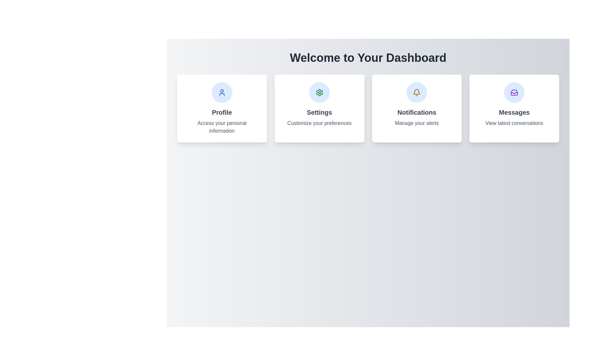 The width and height of the screenshot is (616, 346). Describe the element at coordinates (514, 93) in the screenshot. I see `the small, purple-colored inbox icon located inside the rightmost 'Messages' card in the dashboard grid` at that location.